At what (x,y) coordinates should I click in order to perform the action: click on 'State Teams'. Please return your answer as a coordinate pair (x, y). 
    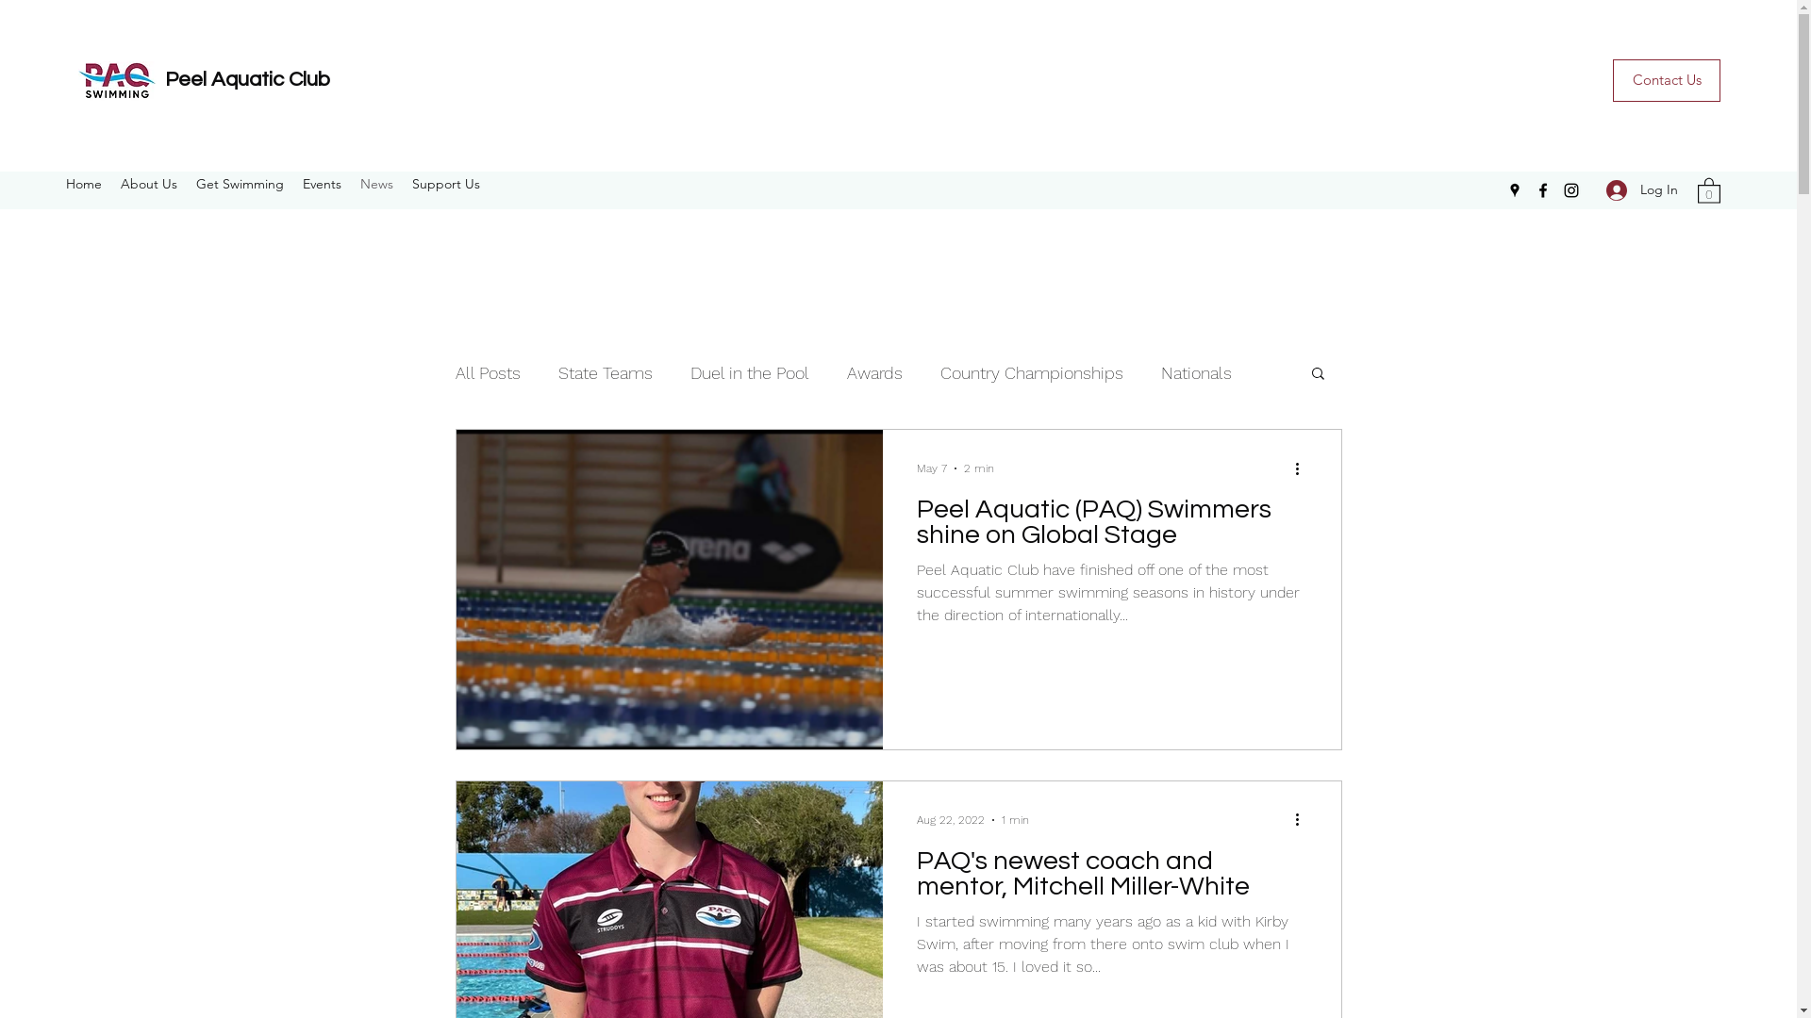
    Looking at the image, I should click on (606, 371).